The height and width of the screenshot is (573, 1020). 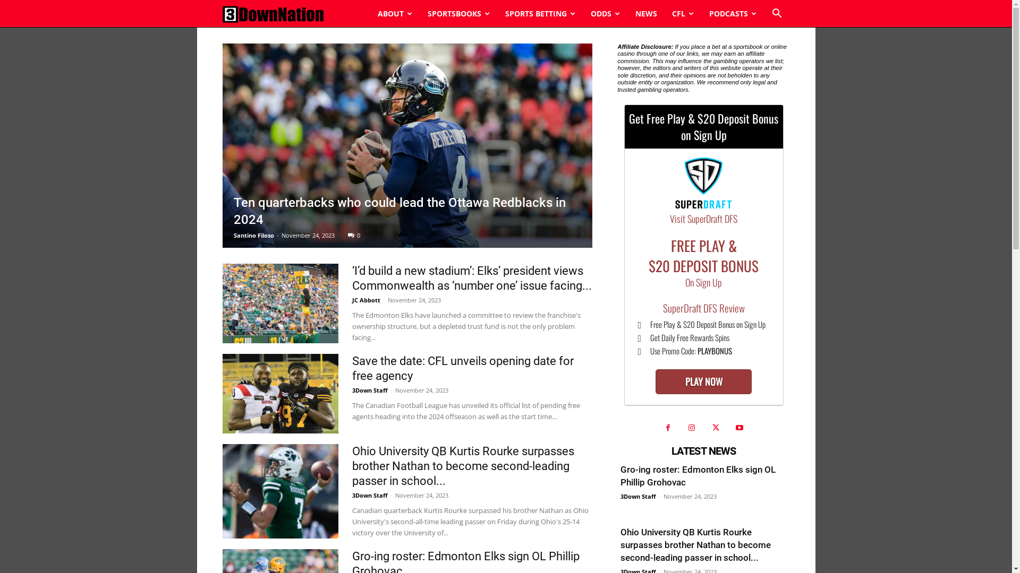 What do you see at coordinates (691, 428) in the screenshot?
I see `'Instagram'` at bounding box center [691, 428].